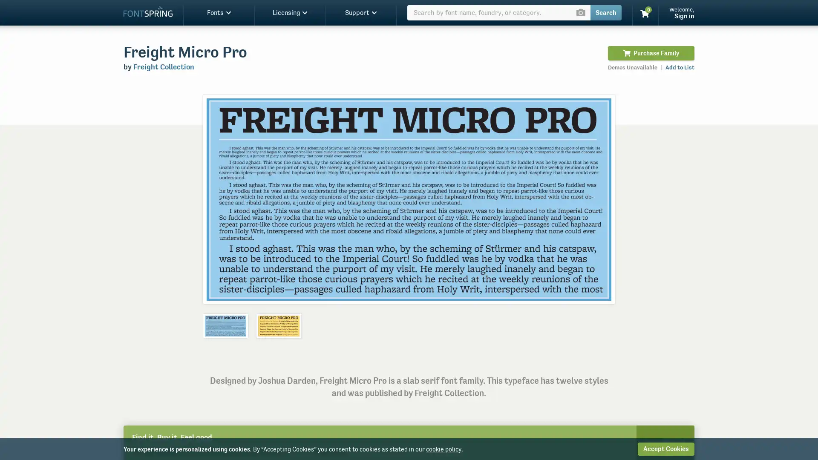  Describe the element at coordinates (651, 53) in the screenshot. I see `Purchase Family` at that location.